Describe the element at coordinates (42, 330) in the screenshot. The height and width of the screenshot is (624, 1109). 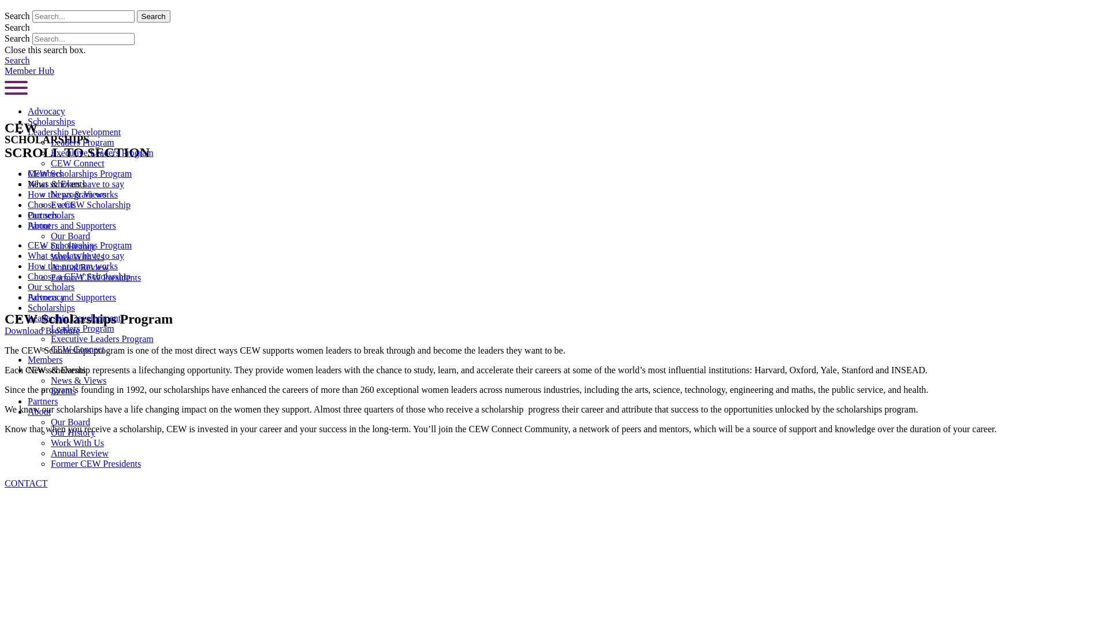
I see `'Download Brochure'` at that location.